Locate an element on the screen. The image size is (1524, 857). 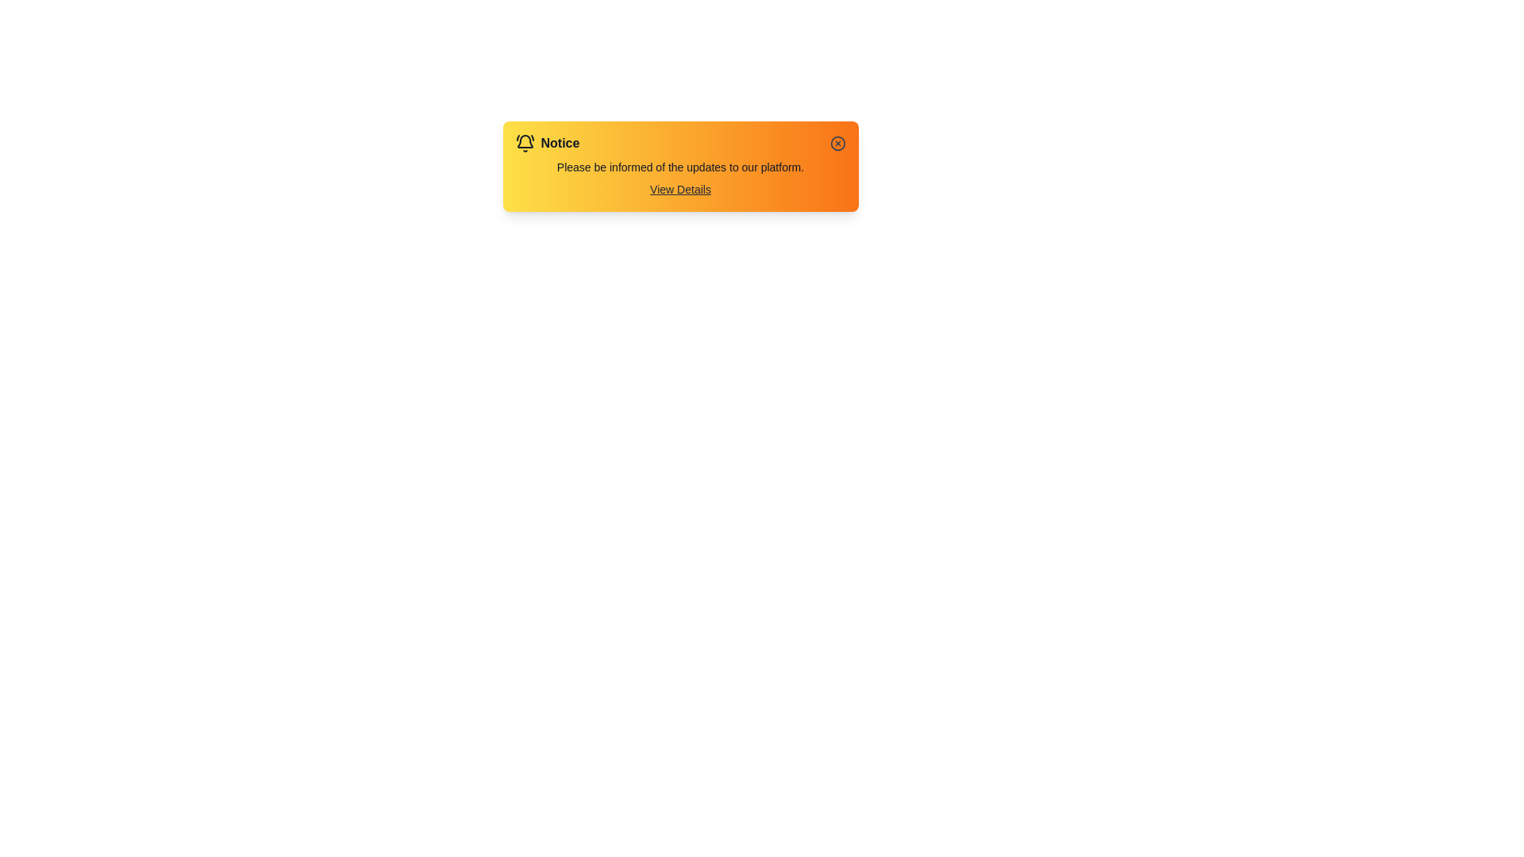
the close button of the notification is located at coordinates (837, 144).